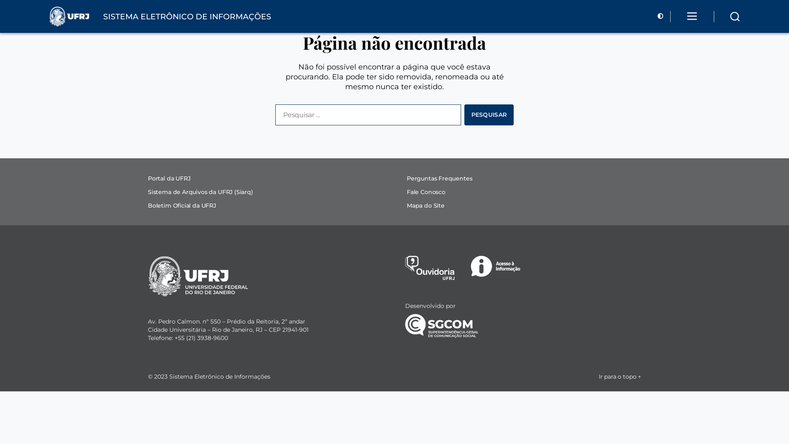  I want to click on 'Fale Conosco', so click(426, 192).